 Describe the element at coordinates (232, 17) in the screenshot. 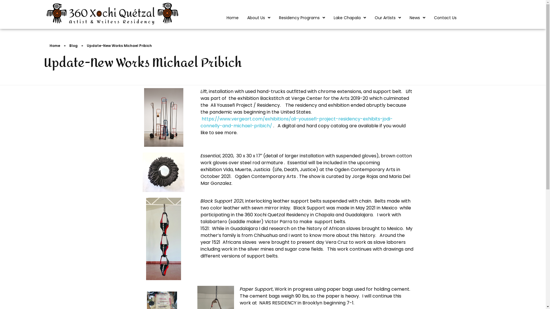

I see `'Home'` at that location.